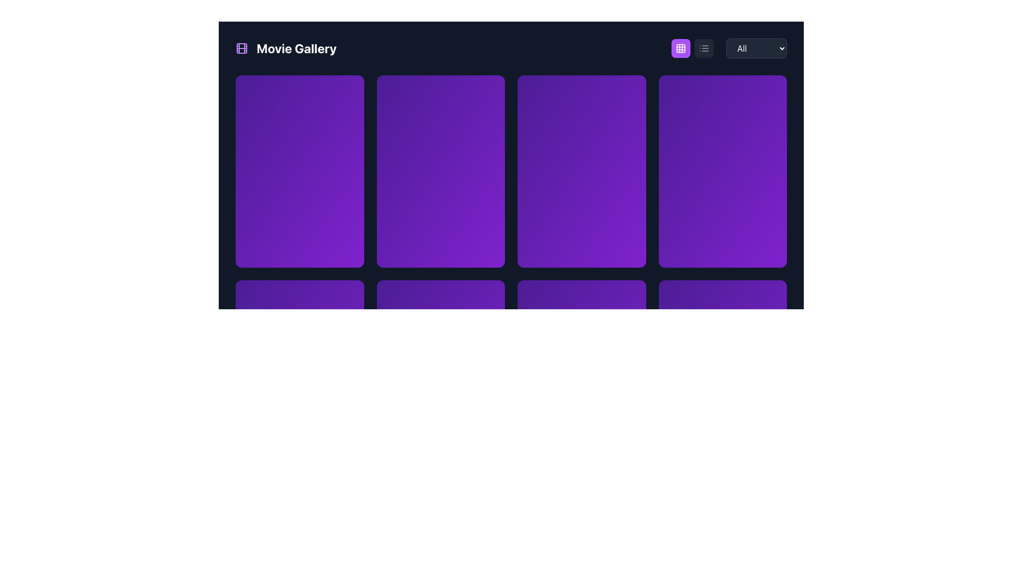 The height and width of the screenshot is (569, 1012). Describe the element at coordinates (581, 231) in the screenshot. I see `the Information card in the movie gallery grid` at that location.